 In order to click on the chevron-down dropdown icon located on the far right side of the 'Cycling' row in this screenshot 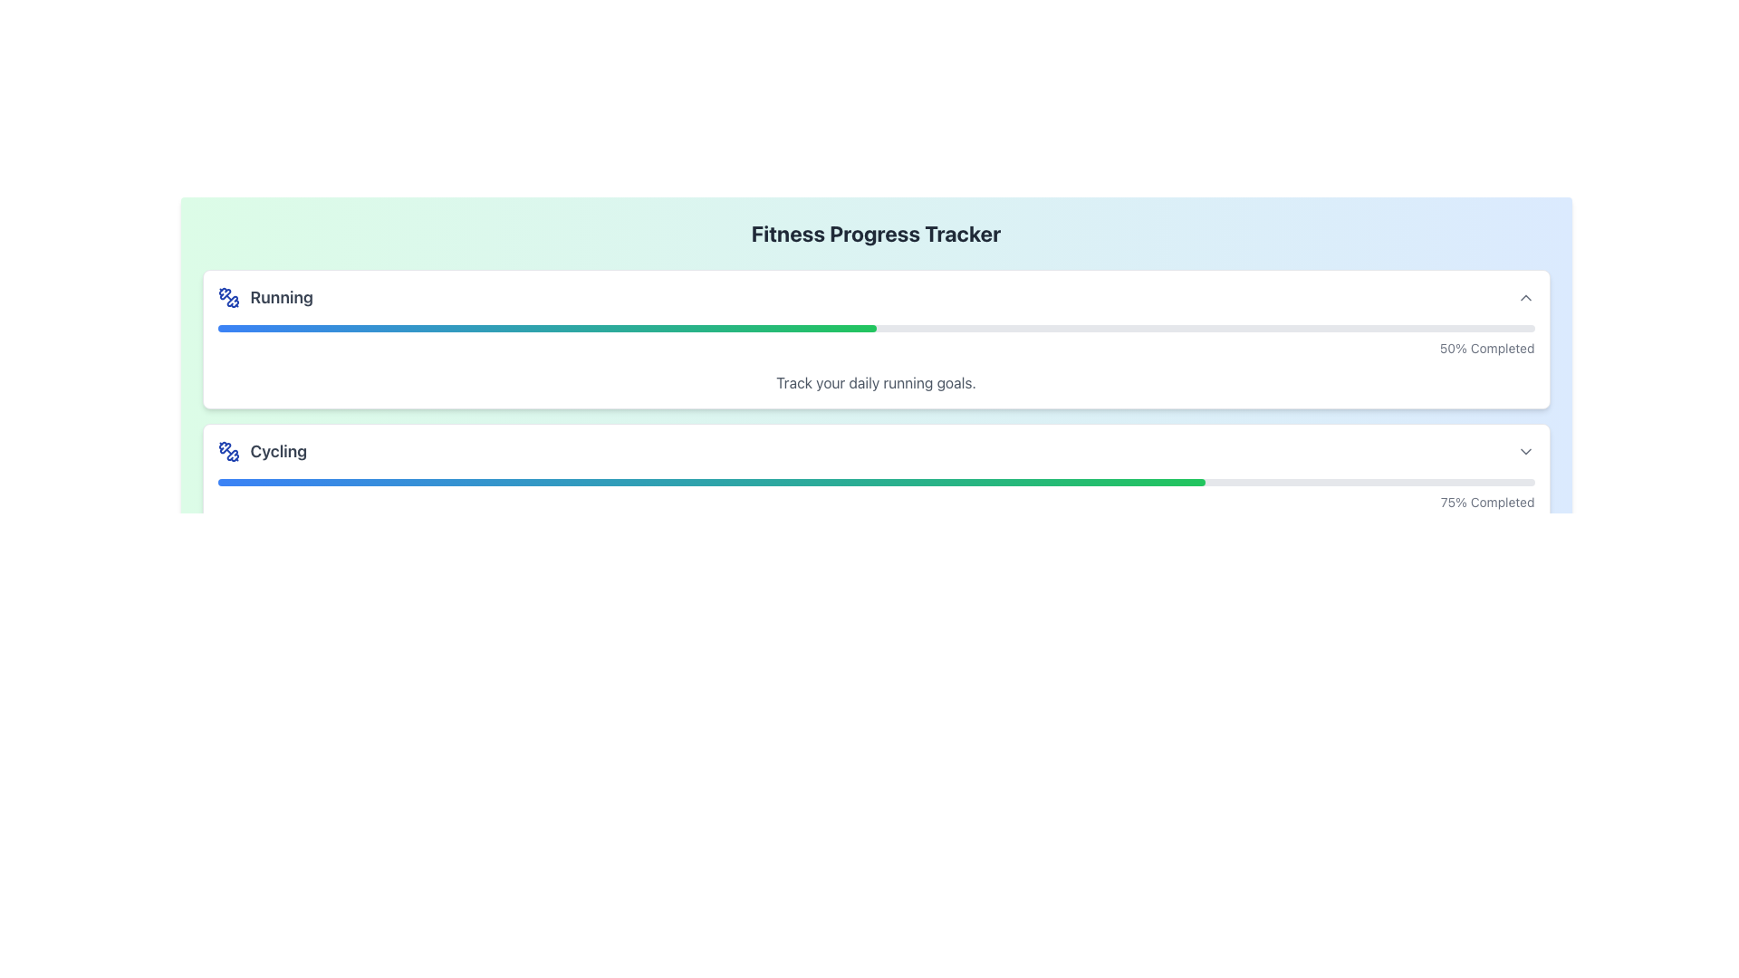, I will do `click(1524, 450)`.